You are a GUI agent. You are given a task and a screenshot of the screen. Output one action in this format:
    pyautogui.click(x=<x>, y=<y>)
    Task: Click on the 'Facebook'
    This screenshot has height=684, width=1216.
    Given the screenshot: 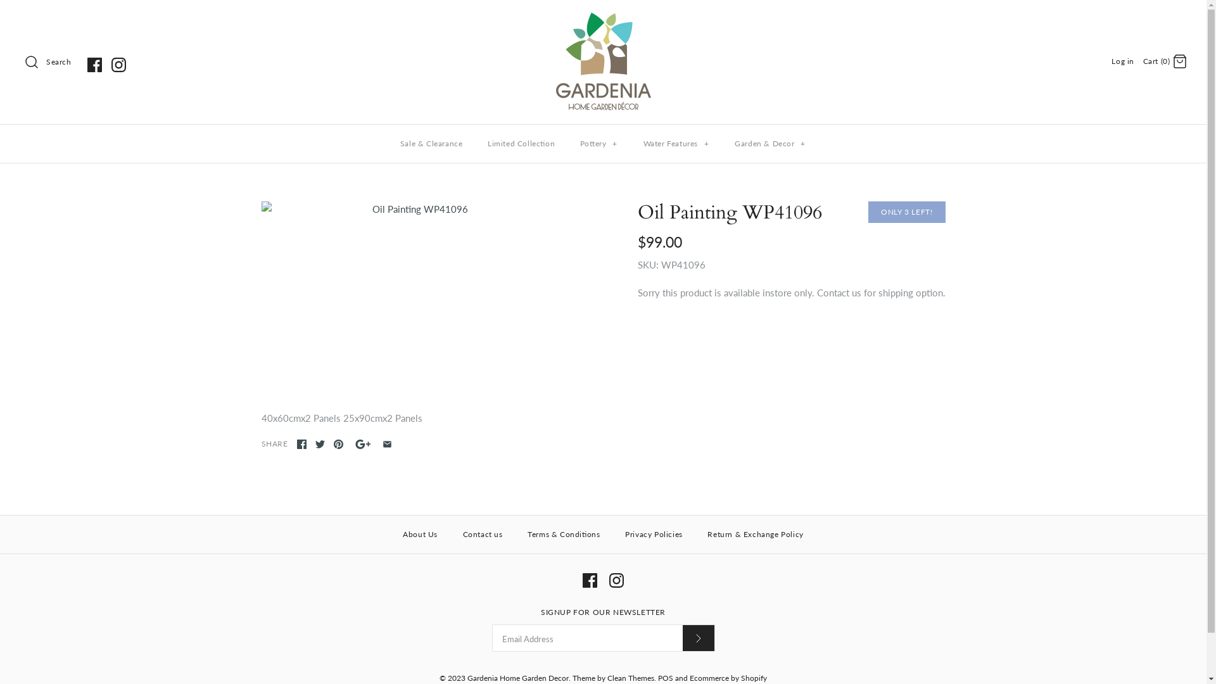 What is the action you would take?
    pyautogui.click(x=94, y=65)
    